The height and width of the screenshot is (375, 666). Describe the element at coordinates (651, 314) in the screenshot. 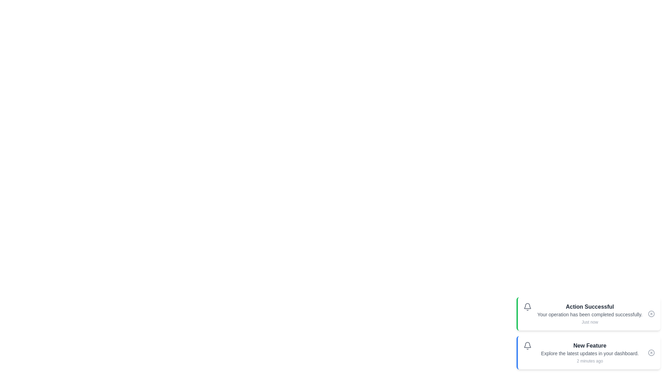

I see `the circular graphic within the SVG that represents a cancel or close action, which is part of the icon adjacent to the 'Action Successful' notification` at that location.